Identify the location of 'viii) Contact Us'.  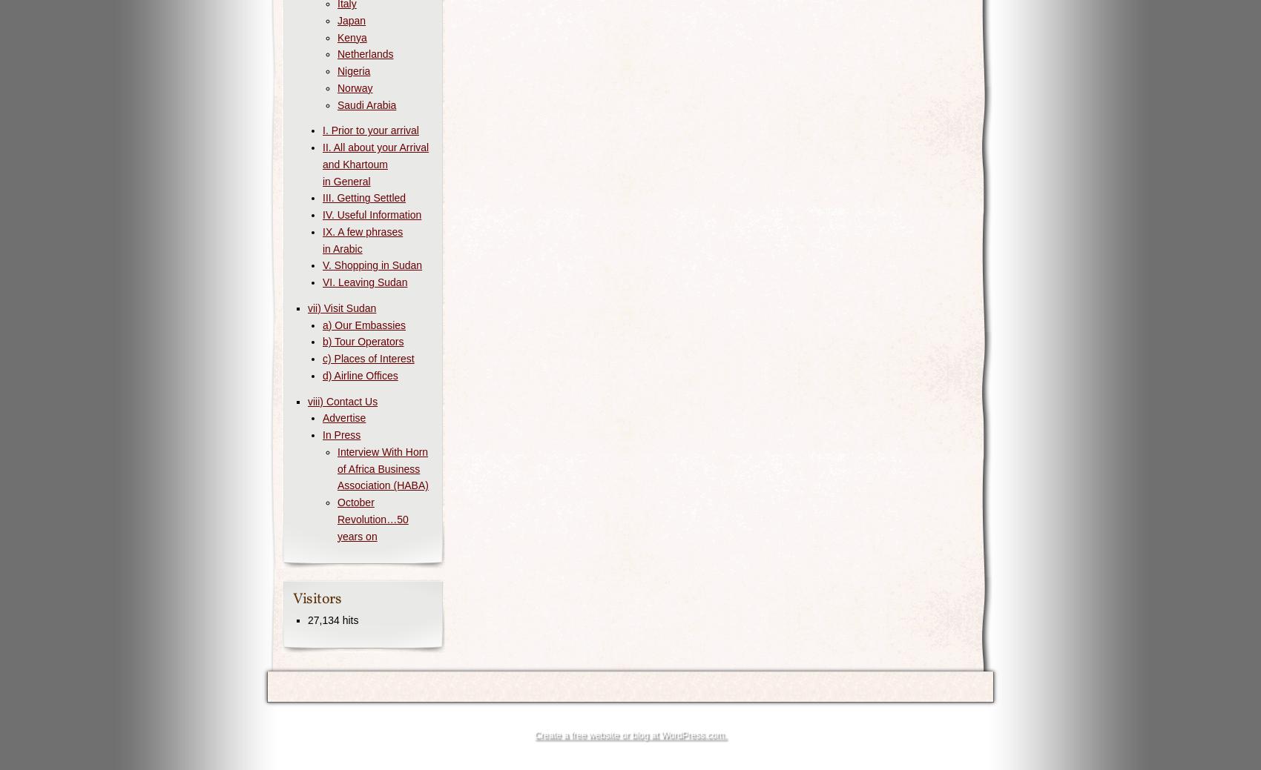
(343, 401).